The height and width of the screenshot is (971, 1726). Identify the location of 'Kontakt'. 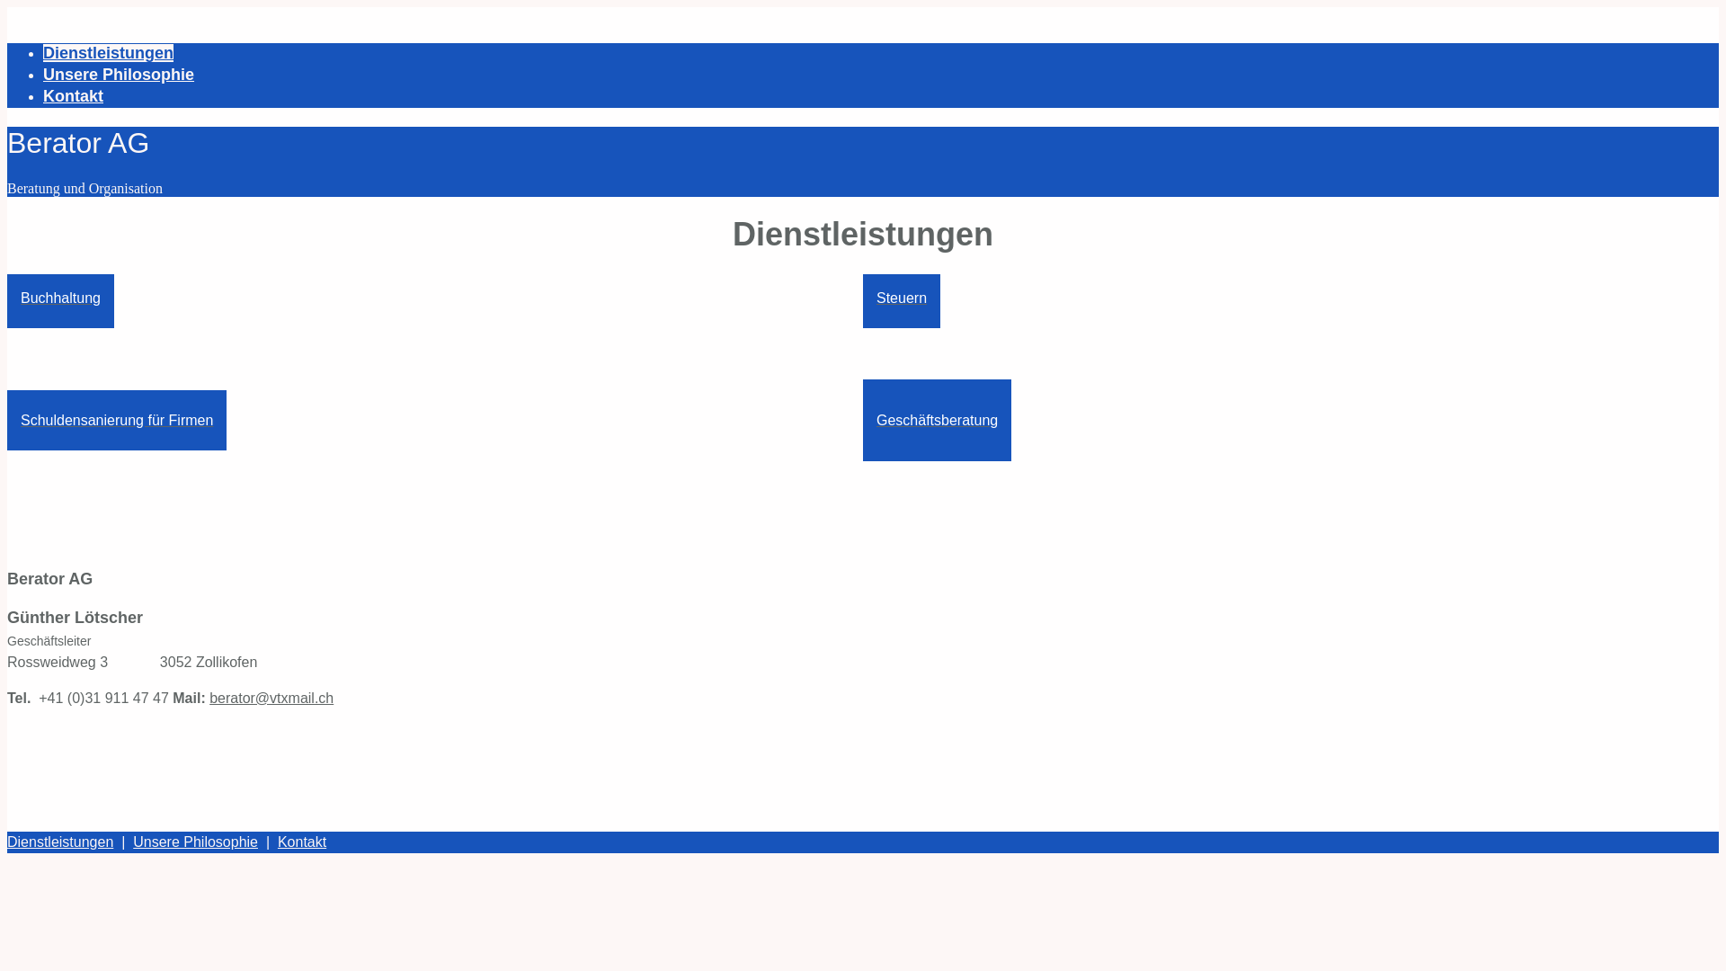
(72, 96).